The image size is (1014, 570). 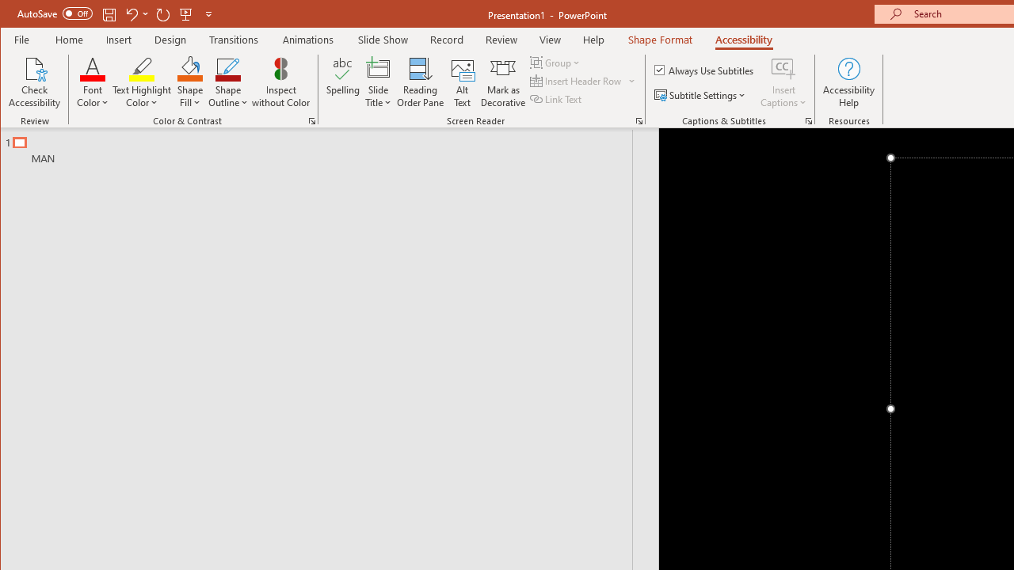 What do you see at coordinates (186, 13) in the screenshot?
I see `'From Beginning'` at bounding box center [186, 13].